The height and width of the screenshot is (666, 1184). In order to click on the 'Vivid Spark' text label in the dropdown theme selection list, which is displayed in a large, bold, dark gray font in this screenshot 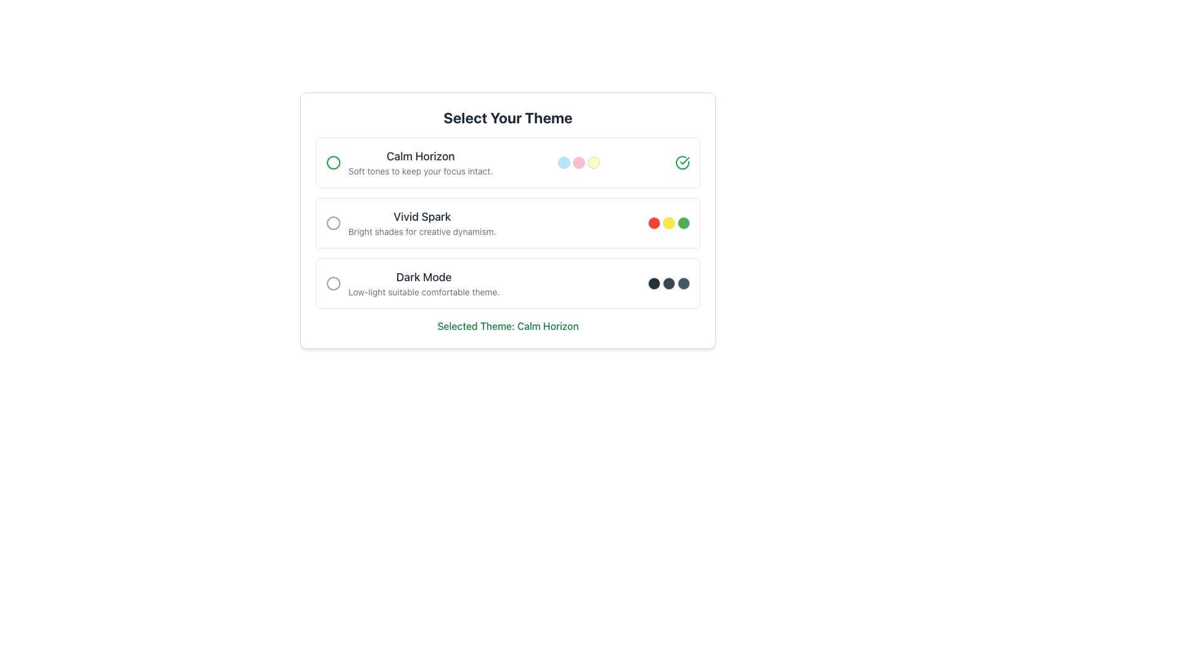, I will do `click(422, 216)`.